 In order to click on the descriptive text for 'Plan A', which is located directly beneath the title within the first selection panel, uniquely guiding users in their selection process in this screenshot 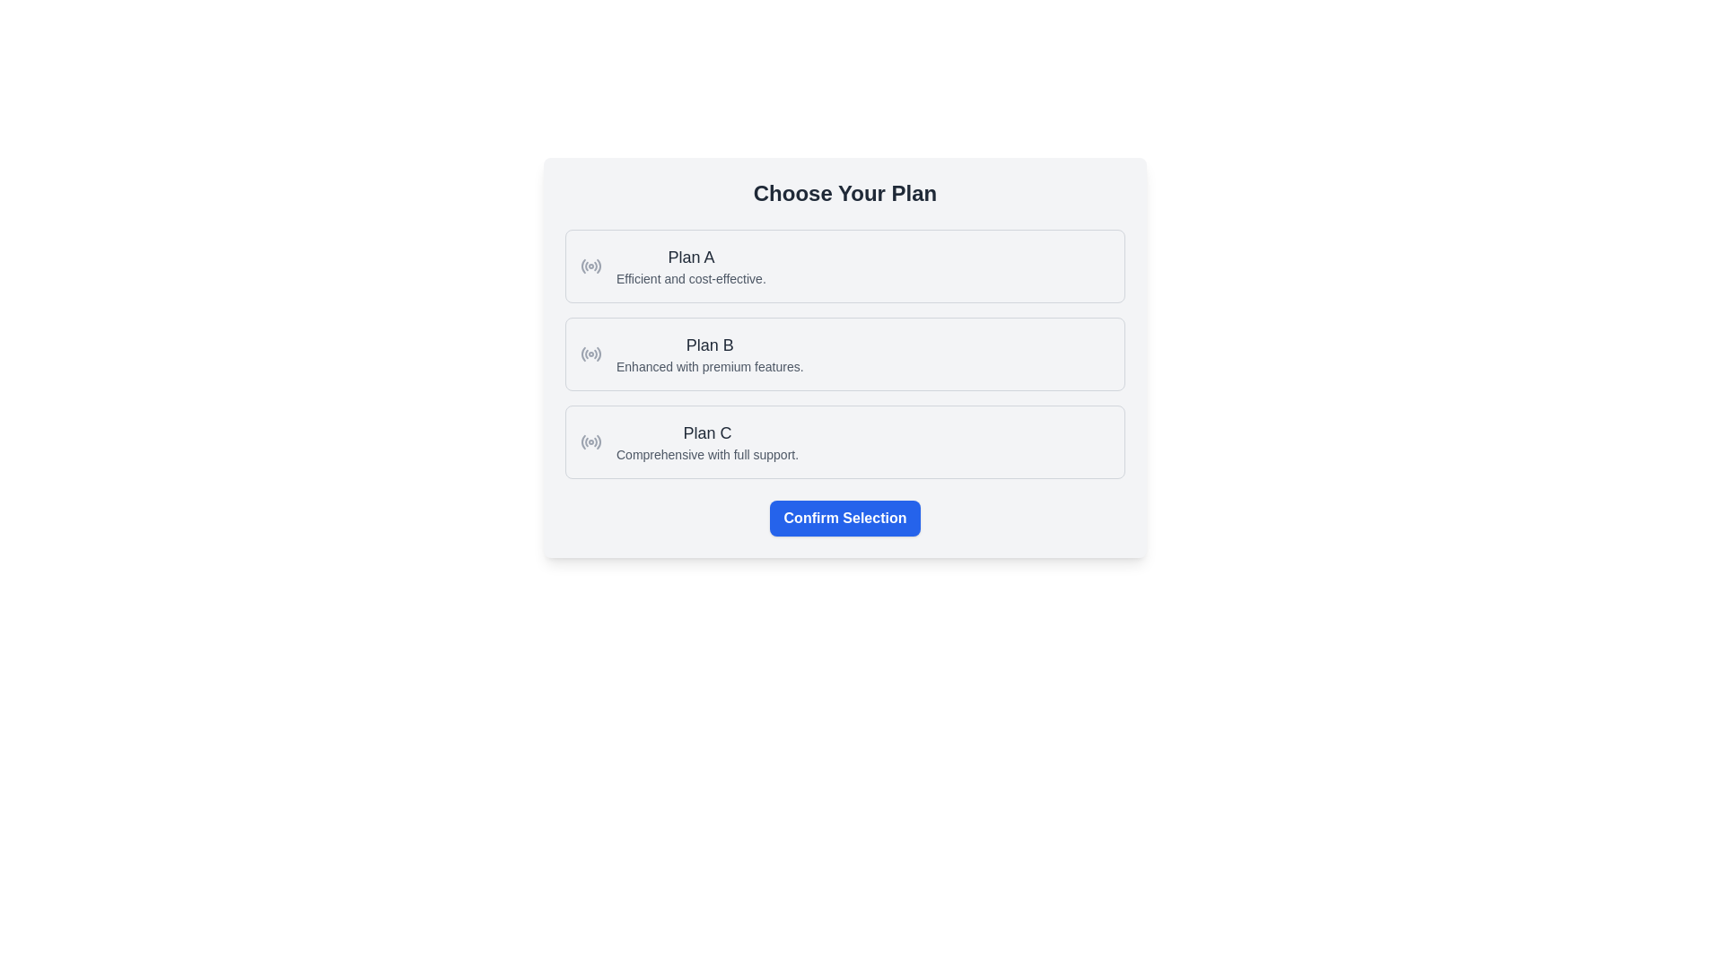, I will do `click(690, 279)`.